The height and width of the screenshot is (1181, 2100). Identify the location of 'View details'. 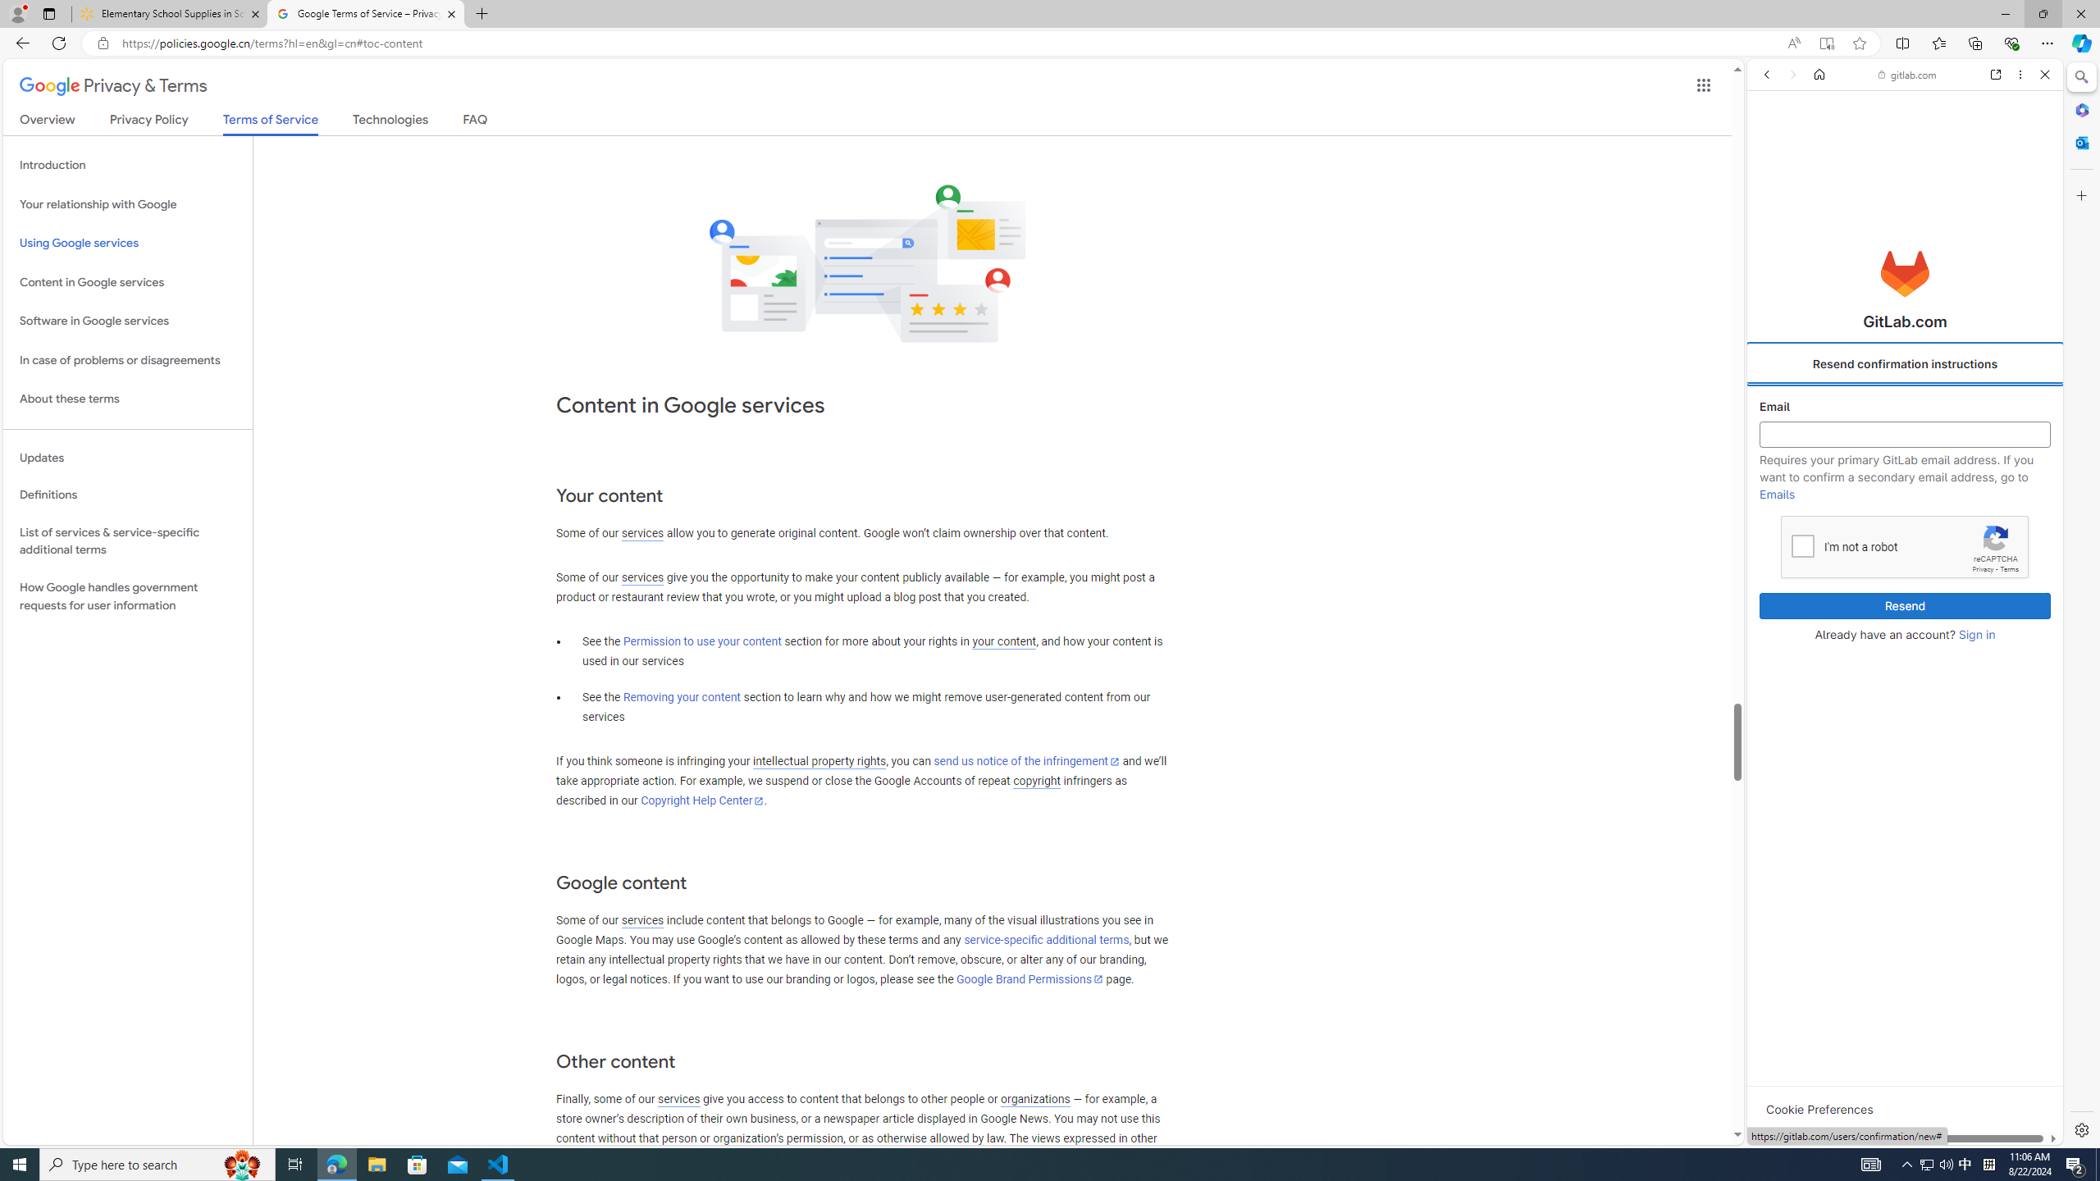
(1989, 798).